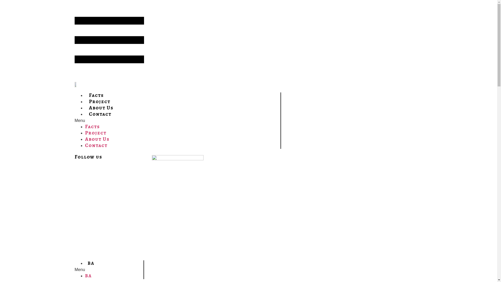  What do you see at coordinates (101, 107) in the screenshot?
I see `'About Us'` at bounding box center [101, 107].